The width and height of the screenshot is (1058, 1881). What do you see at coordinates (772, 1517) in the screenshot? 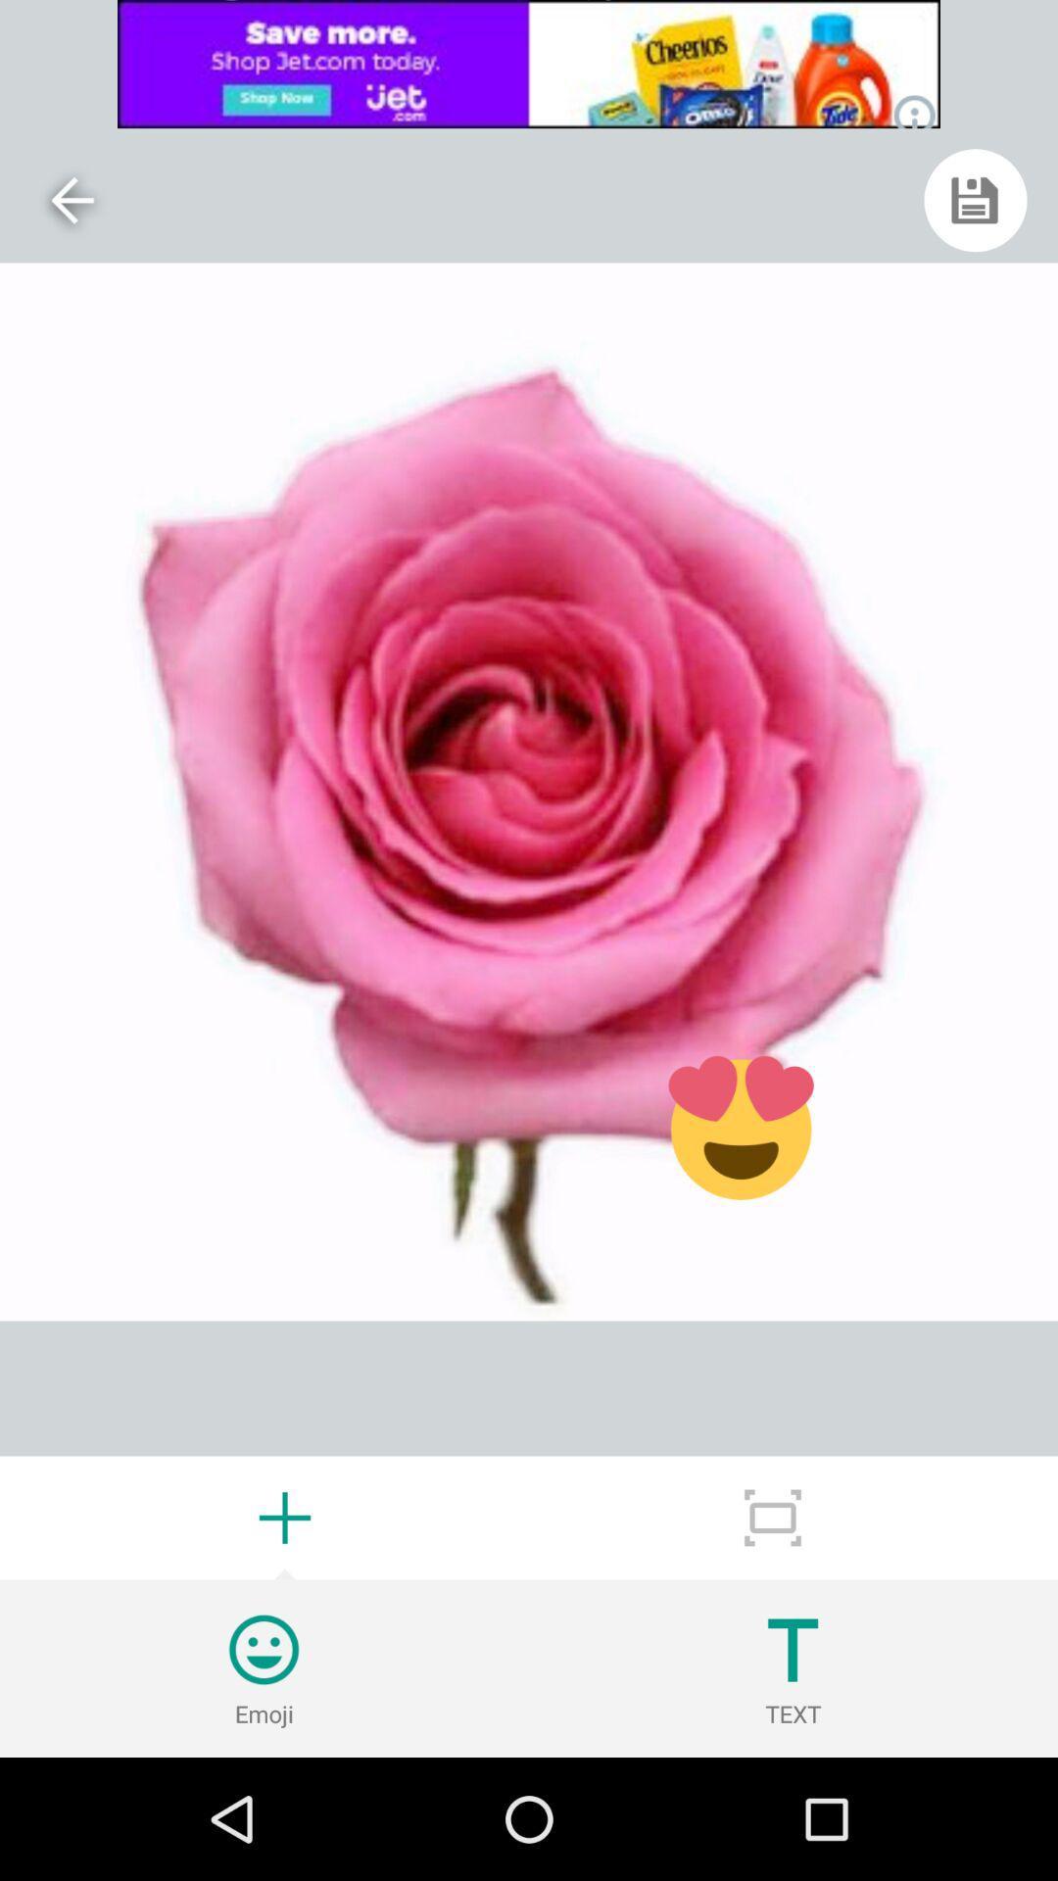
I see `the more icon` at bounding box center [772, 1517].